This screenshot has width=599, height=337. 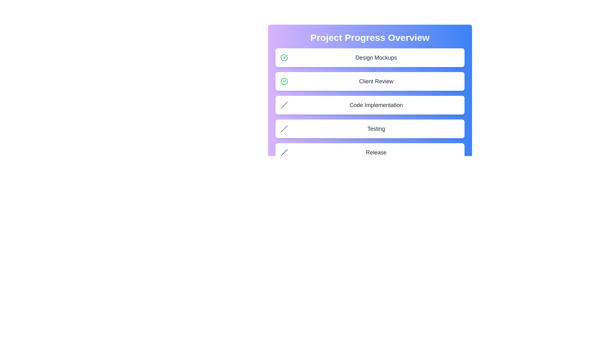 What do you see at coordinates (370, 37) in the screenshot?
I see `the Header text element which serves as a descriptive title above the 'Design Mockups' section` at bounding box center [370, 37].